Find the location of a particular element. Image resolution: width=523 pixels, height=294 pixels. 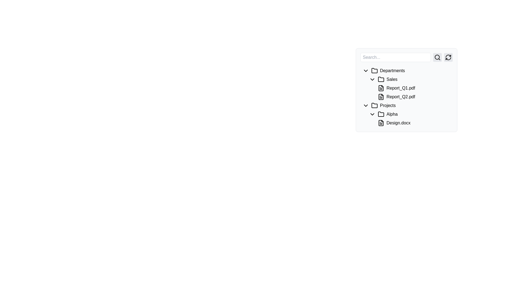

the file entry icon representing 'Report_Q1.pdf', which serves as a visual marker in the hierarchical view is located at coordinates (381, 88).